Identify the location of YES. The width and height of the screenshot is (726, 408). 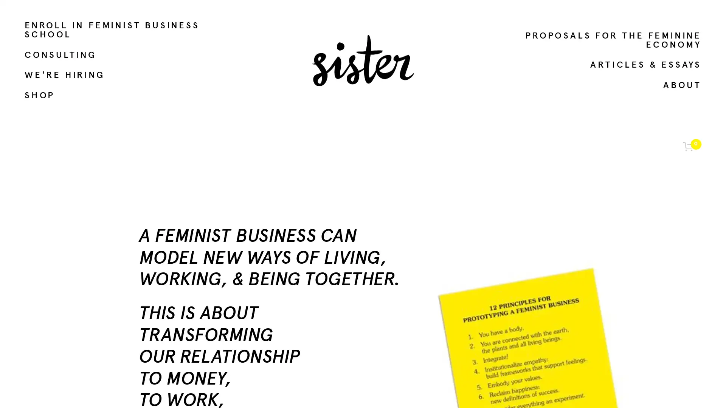
(640, 338).